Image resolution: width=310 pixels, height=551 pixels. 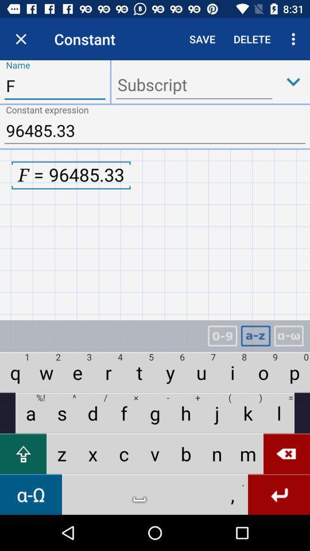 I want to click on the expand_more icon, so click(x=293, y=81).